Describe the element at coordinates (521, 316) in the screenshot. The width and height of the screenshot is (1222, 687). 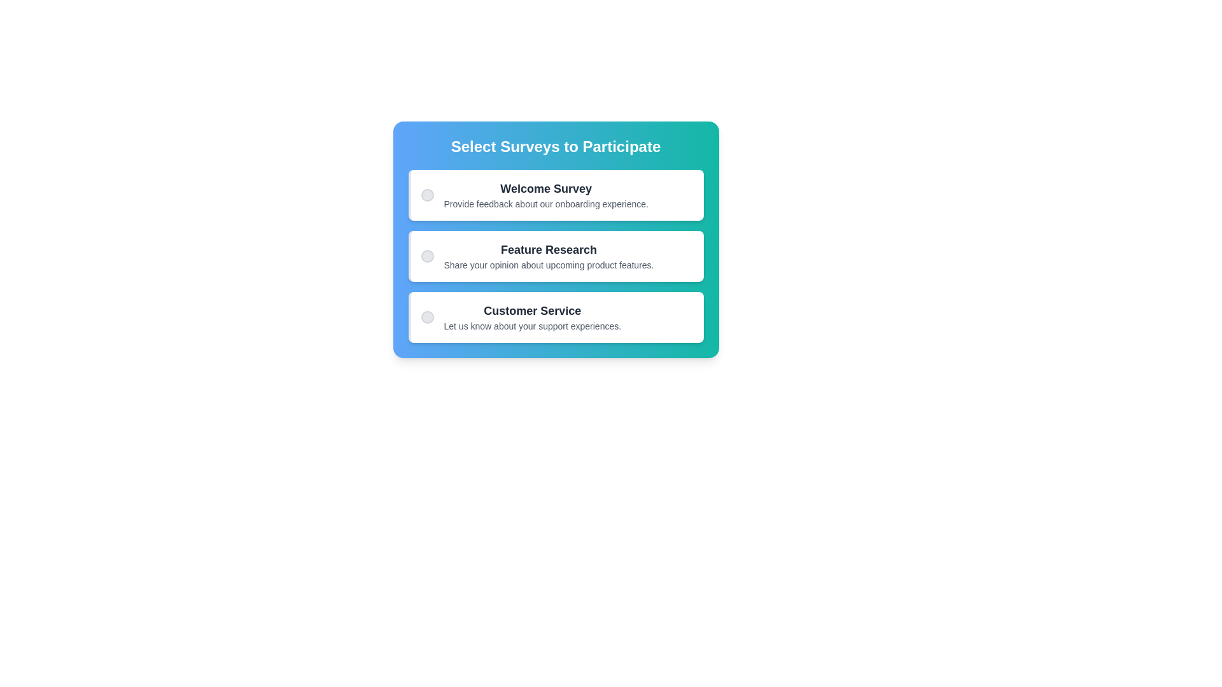
I see `the selectable survey option labeled 'Customer Service'` at that location.